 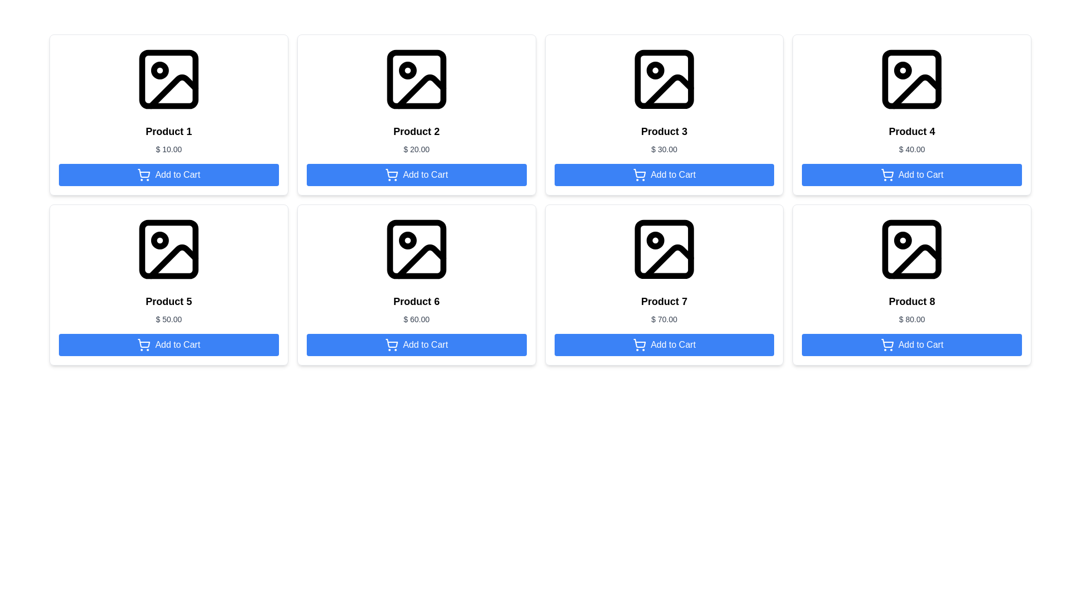 I want to click on the image placeholder within the card labeled 'Product 7', located in the second row, fourth column of the product grid, so click(x=664, y=248).